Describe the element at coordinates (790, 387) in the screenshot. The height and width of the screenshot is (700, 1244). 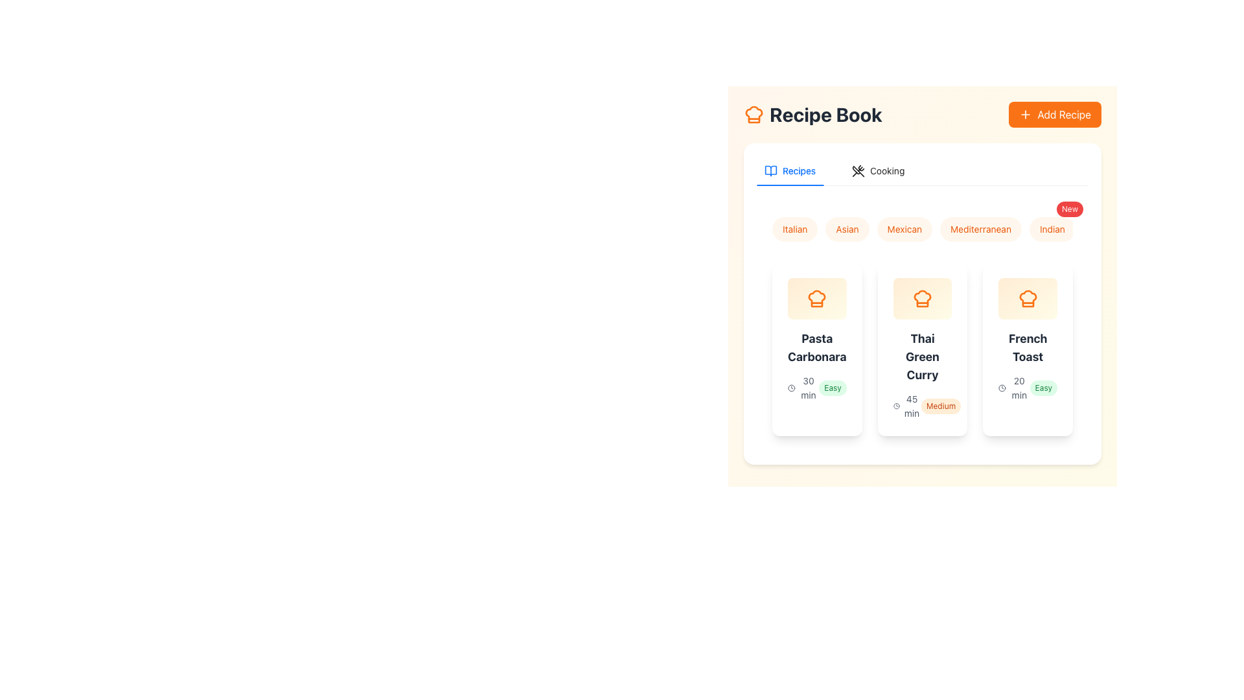
I see `the small clock-shaped icon with a minimalist design located to the left of the text '30 min' in the recipe card for 'Pasta Carbonara'` at that location.